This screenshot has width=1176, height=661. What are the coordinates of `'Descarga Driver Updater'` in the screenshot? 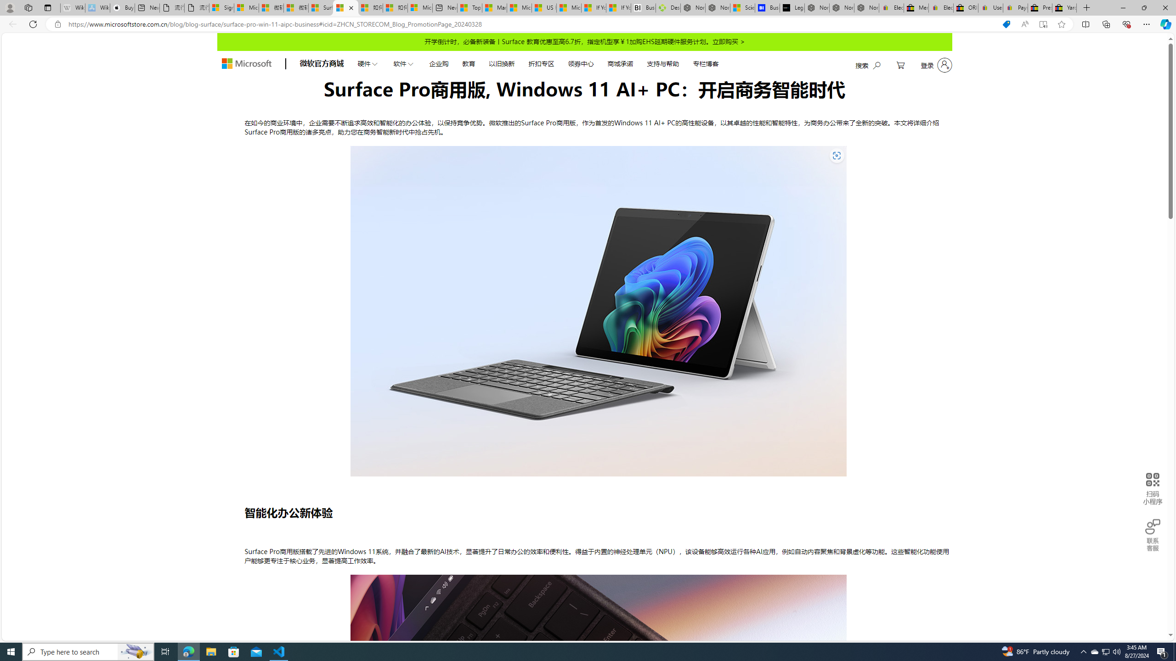 It's located at (668, 7).